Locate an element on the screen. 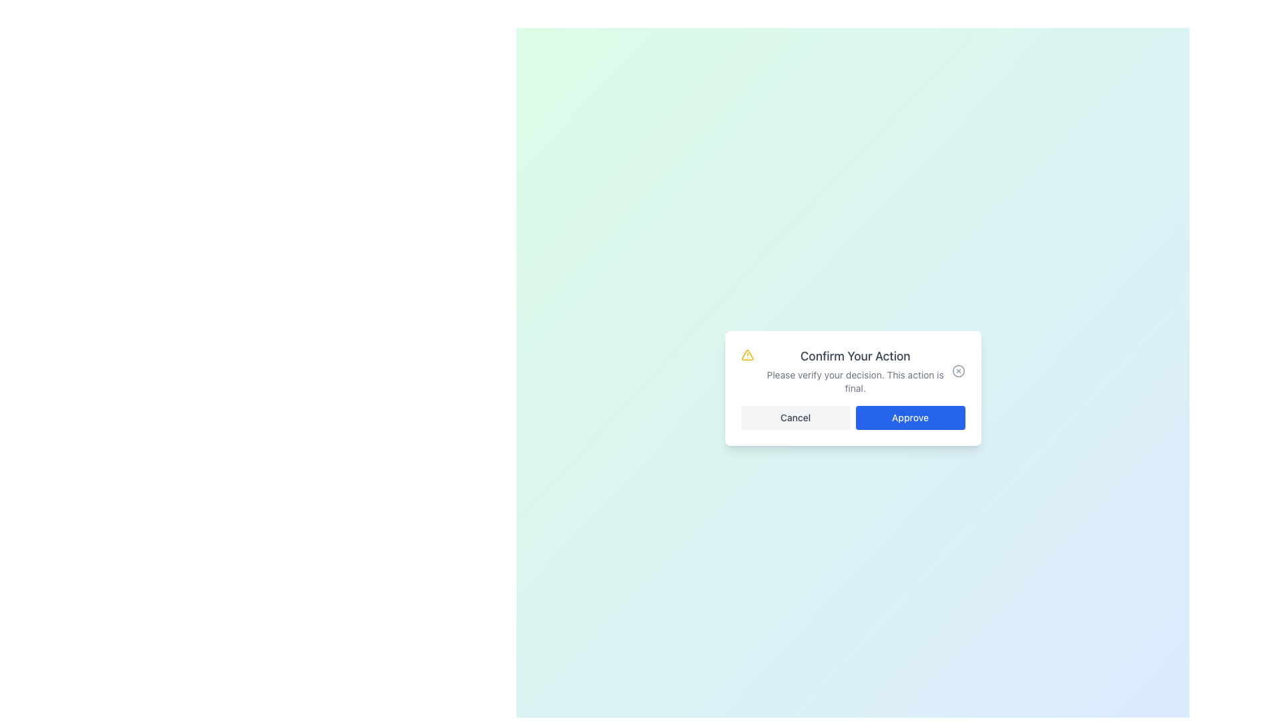 This screenshot has height=721, width=1281. the SVG circle element located in the top-right corner of the dialog box is located at coordinates (957, 371).